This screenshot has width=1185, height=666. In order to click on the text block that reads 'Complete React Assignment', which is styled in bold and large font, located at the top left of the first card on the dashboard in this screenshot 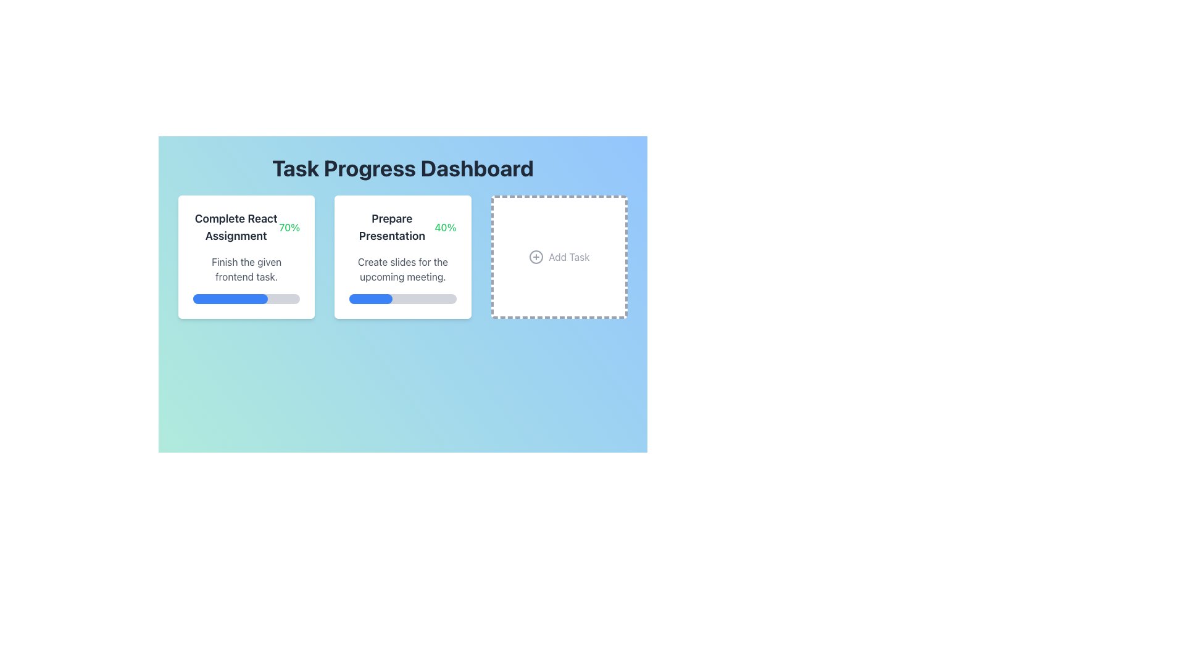, I will do `click(236, 228)`.